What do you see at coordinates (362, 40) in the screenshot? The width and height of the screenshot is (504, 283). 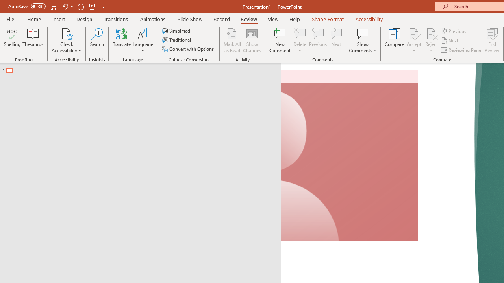 I see `'Show Comments'` at bounding box center [362, 40].